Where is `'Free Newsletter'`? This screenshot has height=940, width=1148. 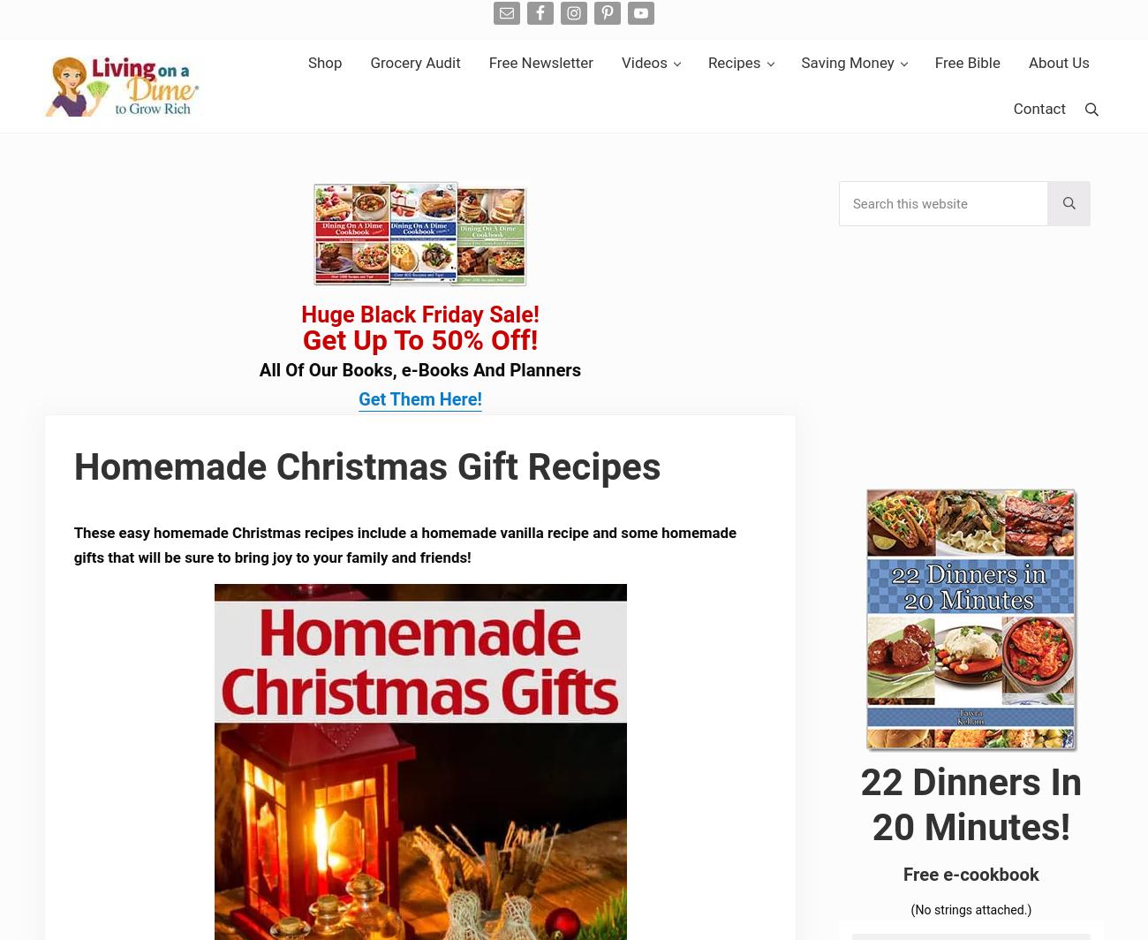 'Free Newsletter' is located at coordinates (540, 62).